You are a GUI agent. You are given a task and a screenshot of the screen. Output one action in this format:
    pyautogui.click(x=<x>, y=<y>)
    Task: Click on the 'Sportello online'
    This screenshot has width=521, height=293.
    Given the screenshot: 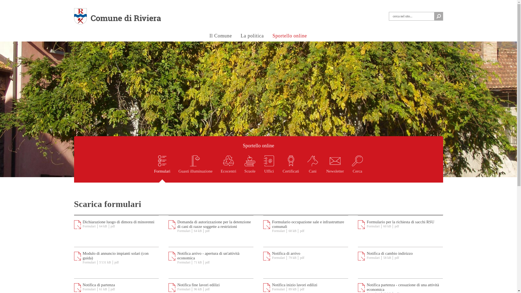 What is the action you would take?
    pyautogui.click(x=269, y=36)
    